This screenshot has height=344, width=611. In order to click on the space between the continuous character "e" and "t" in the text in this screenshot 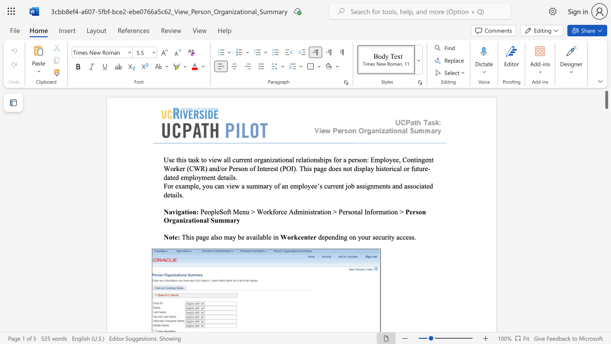, I will do `click(223, 177)`.